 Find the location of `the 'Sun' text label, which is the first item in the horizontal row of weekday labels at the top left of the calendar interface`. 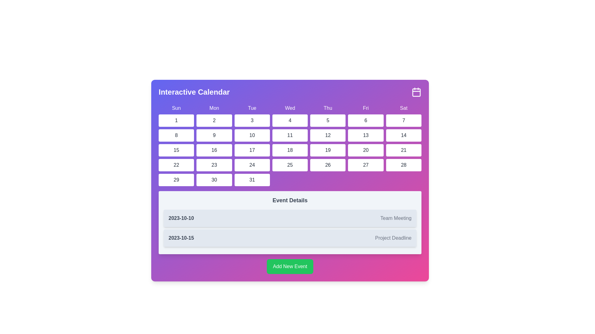

the 'Sun' text label, which is the first item in the horizontal row of weekday labels at the top left of the calendar interface is located at coordinates (176, 108).